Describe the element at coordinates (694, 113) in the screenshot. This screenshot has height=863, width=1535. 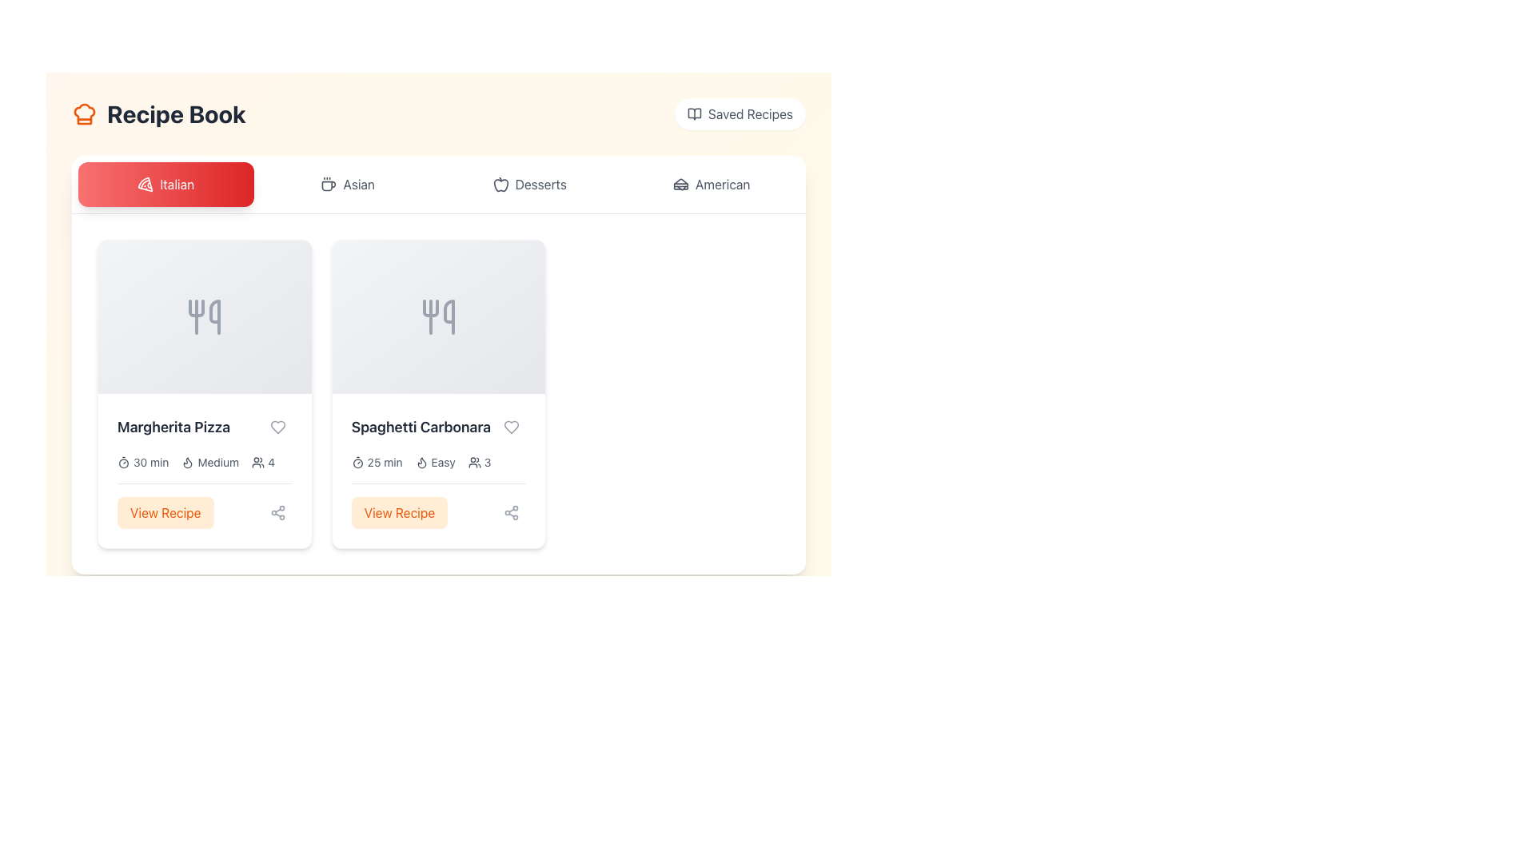
I see `the small open book icon, which is part of the 'Saved Recipes' button located at the top right of the page` at that location.